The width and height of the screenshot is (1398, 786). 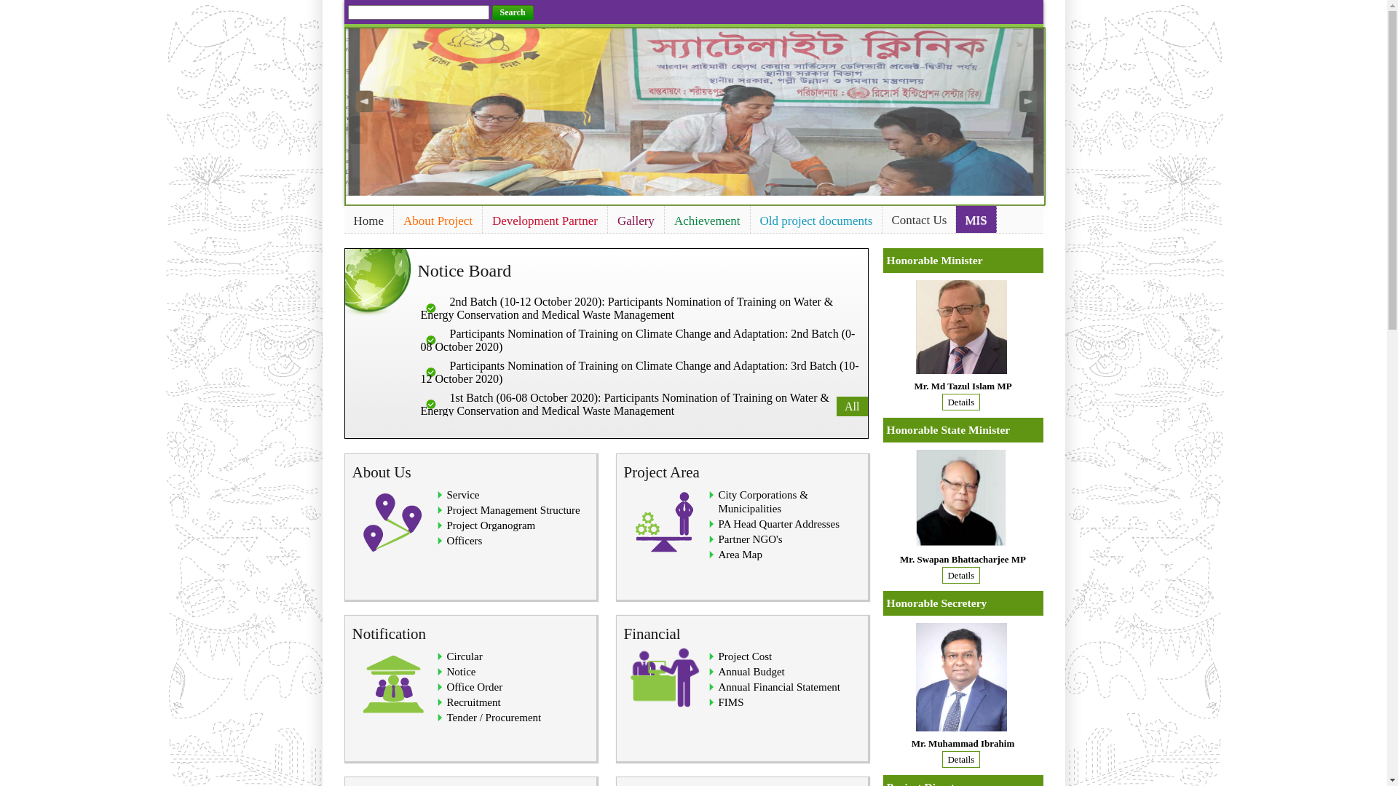 I want to click on 'Annual Financial Statement', so click(x=778, y=687).